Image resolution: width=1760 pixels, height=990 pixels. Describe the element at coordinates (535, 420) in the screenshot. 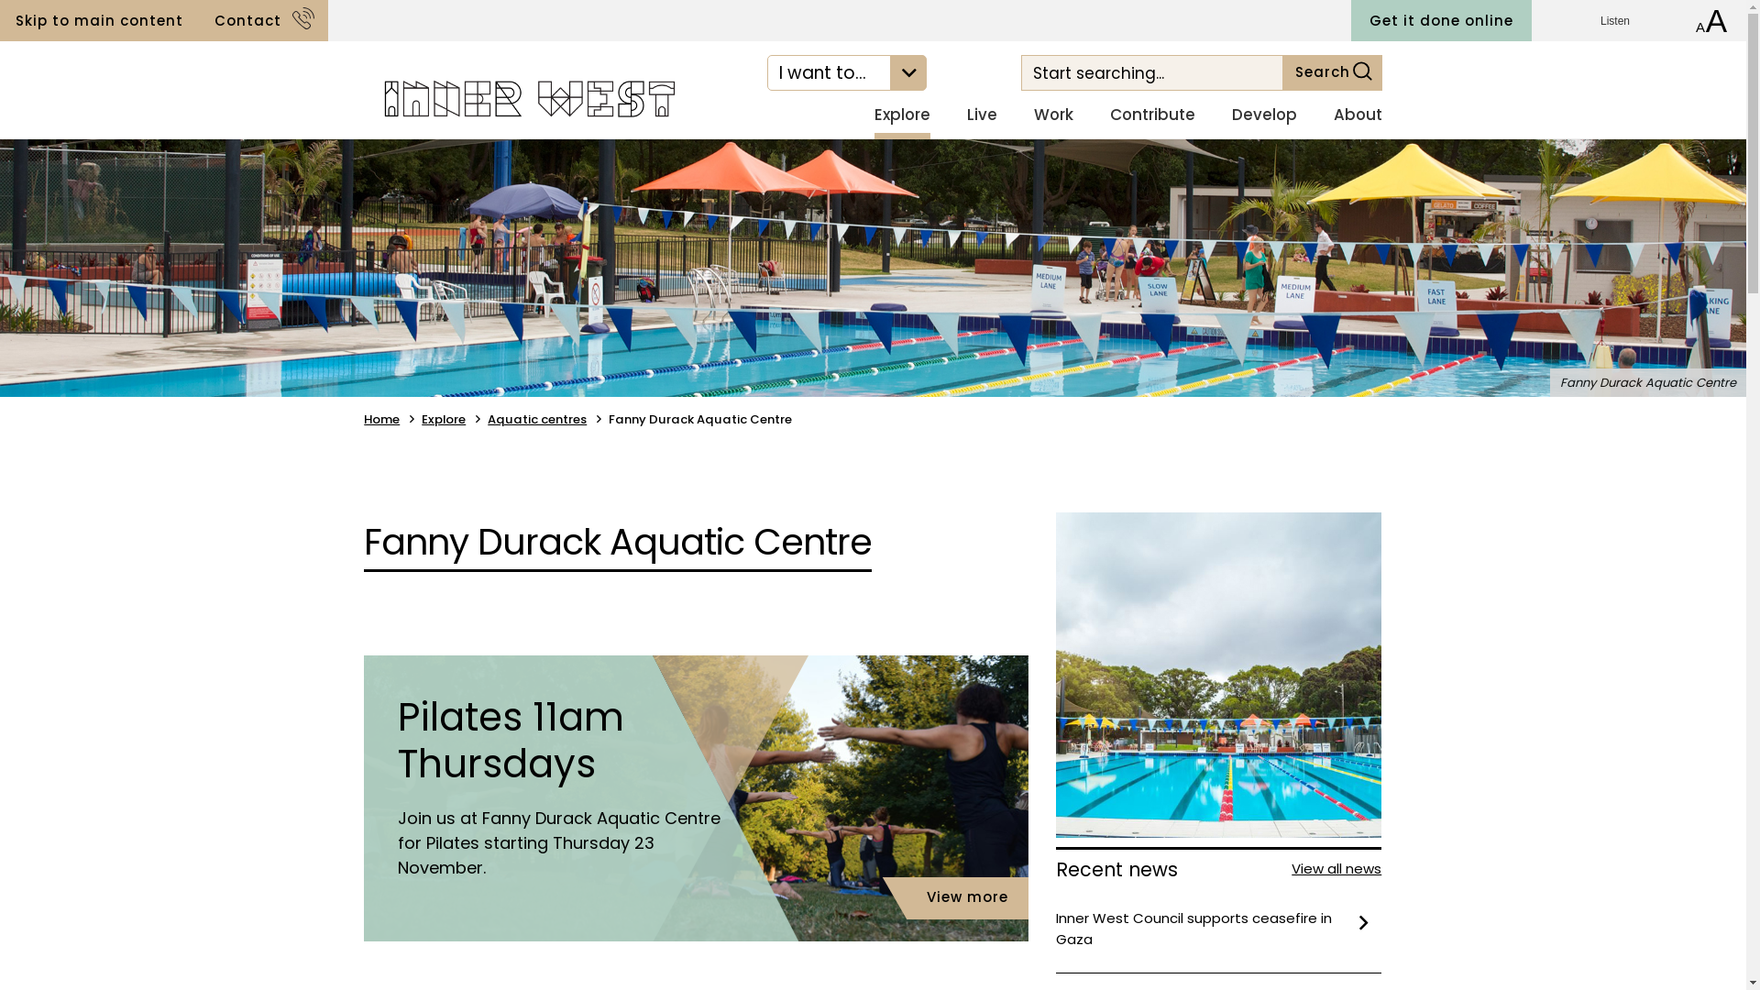

I see `'Aquatic centres'` at that location.